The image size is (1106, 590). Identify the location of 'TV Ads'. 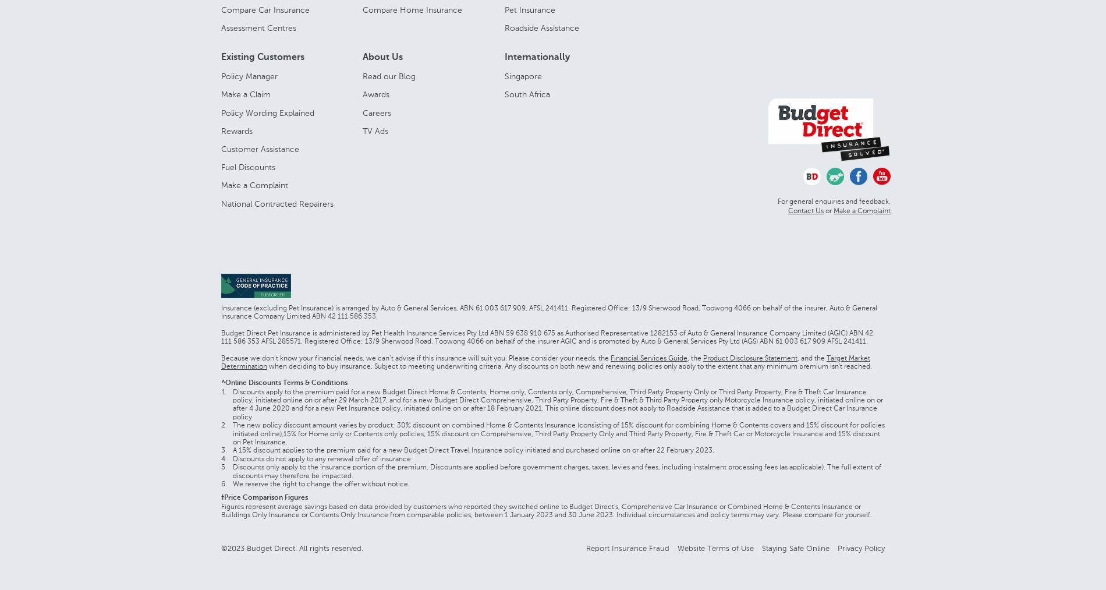
(375, 130).